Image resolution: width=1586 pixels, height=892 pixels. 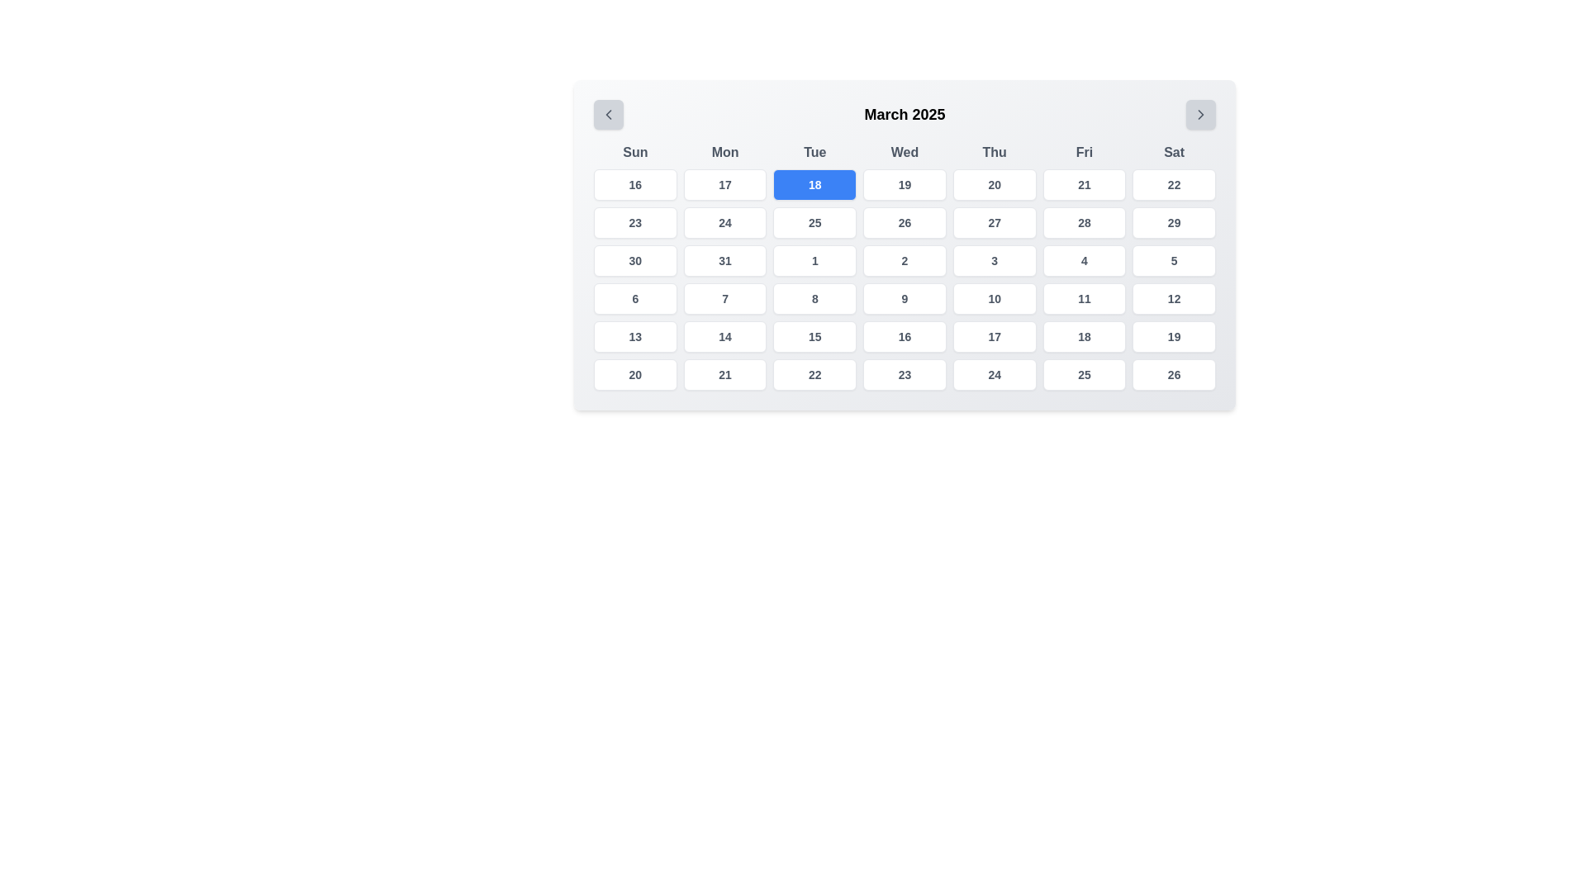 I want to click on the clickable calendar cell displaying '13', which has rounded corners and a shadow effect, from its position in the grid-based calendar interface, so click(x=634, y=336).